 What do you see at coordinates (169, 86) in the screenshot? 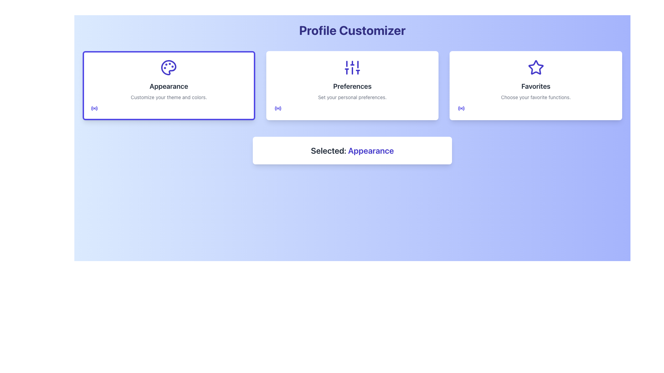
I see `text label that displays the word 'Appearance', which is styled in bold and large font, located centrally under the palette icon within the 'AppearanceCustomize your theme and colors' card` at bounding box center [169, 86].